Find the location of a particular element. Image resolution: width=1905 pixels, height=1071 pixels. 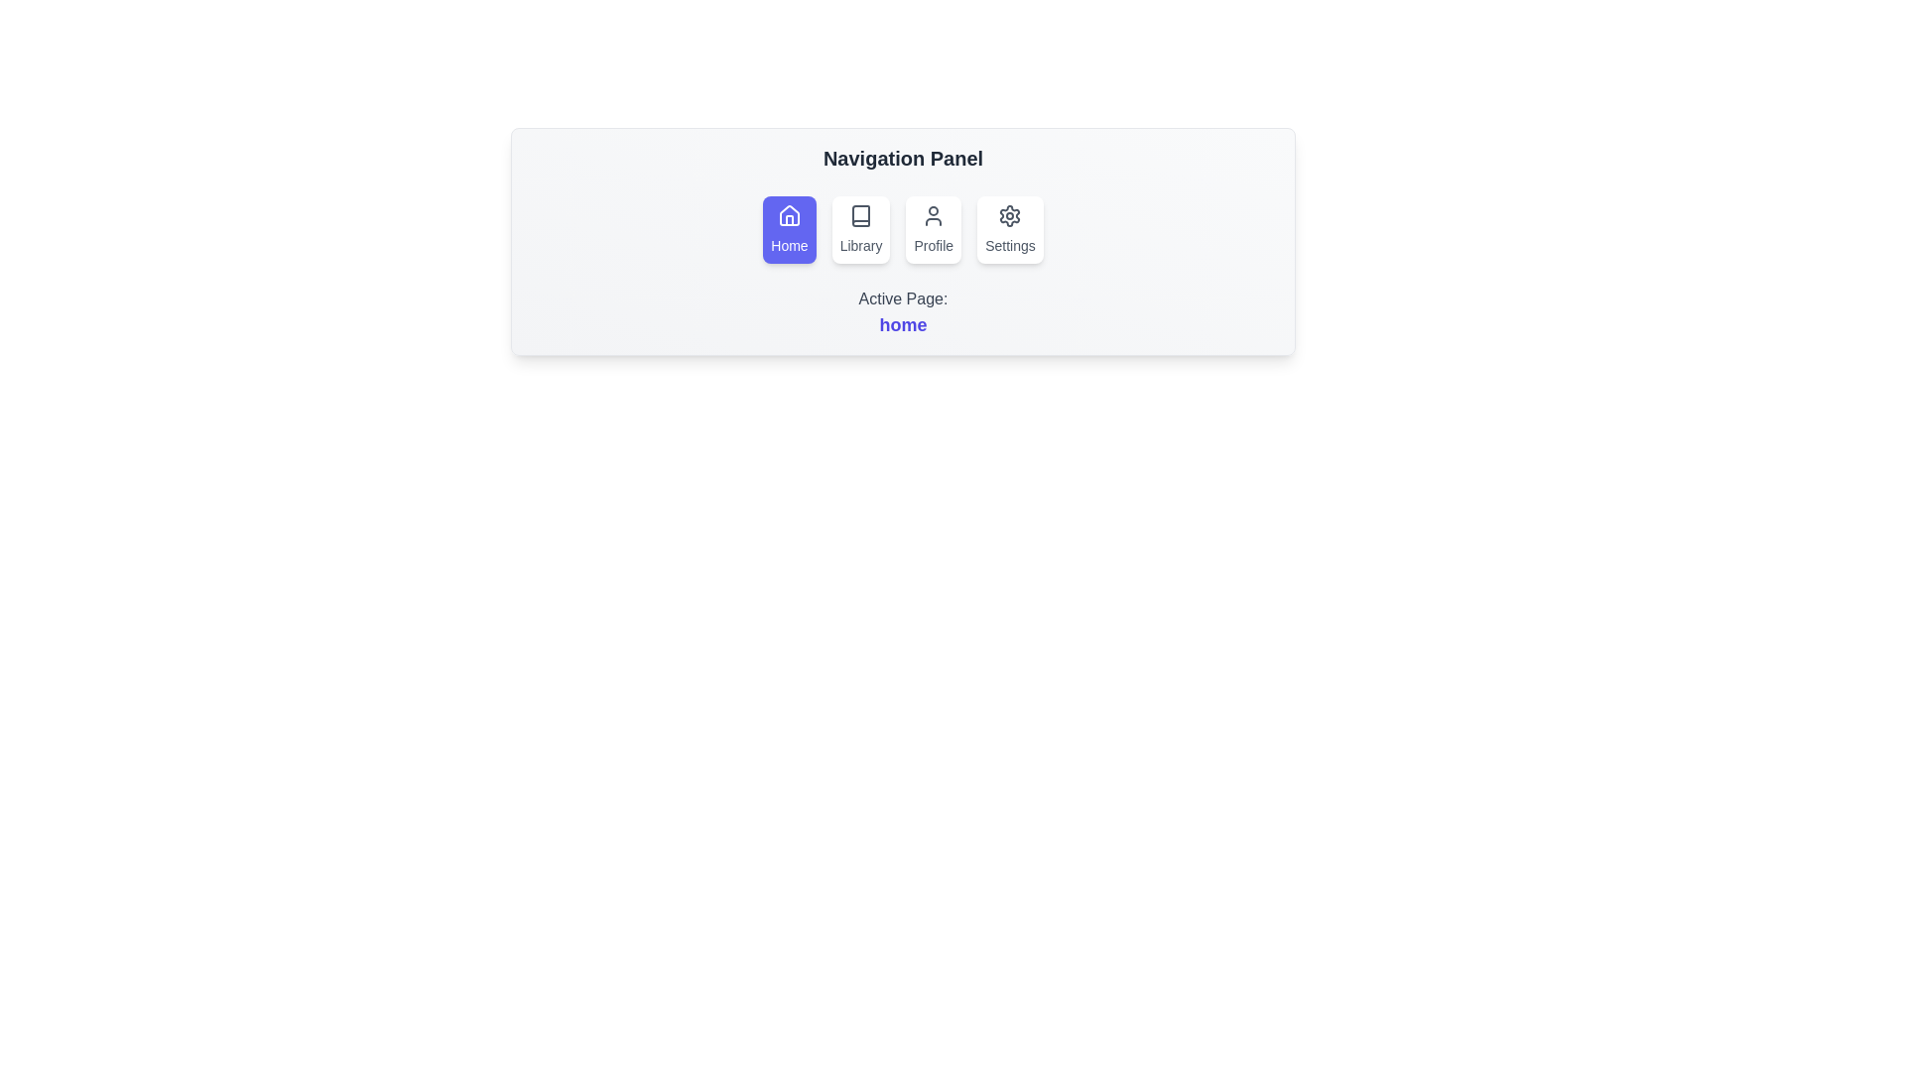

the Text Label displaying 'Active Page: home', which consists of gray text 'Active Page:' and blue link text 'home', located at the bottom of the 'Navigation Panel' is located at coordinates (902, 312).